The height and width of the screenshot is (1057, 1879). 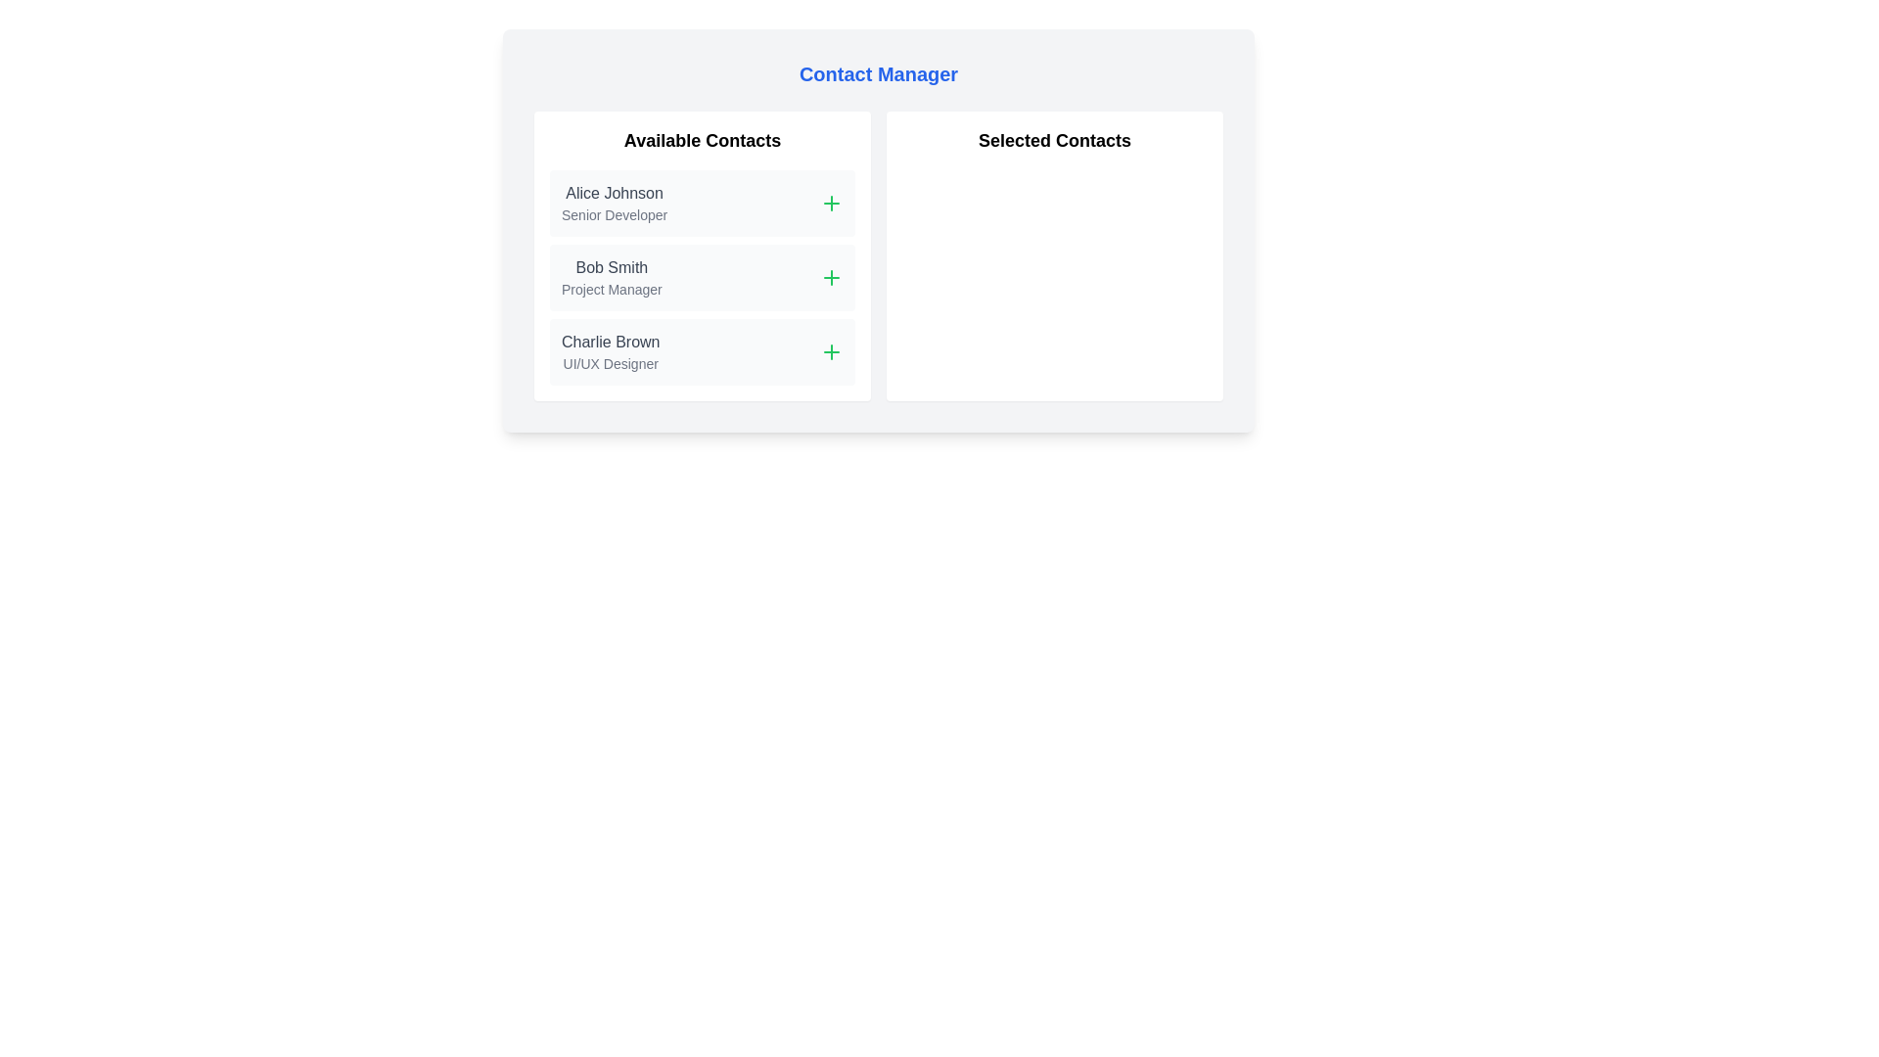 What do you see at coordinates (703, 139) in the screenshot?
I see `the 'Available Contacts' text label, which is styled as a bold header indicating the section for contact names and roles` at bounding box center [703, 139].